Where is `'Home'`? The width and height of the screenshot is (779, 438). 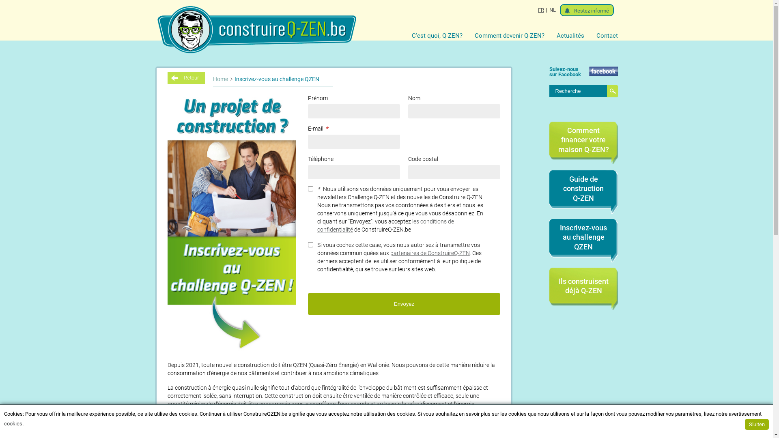
'Home' is located at coordinates (220, 79).